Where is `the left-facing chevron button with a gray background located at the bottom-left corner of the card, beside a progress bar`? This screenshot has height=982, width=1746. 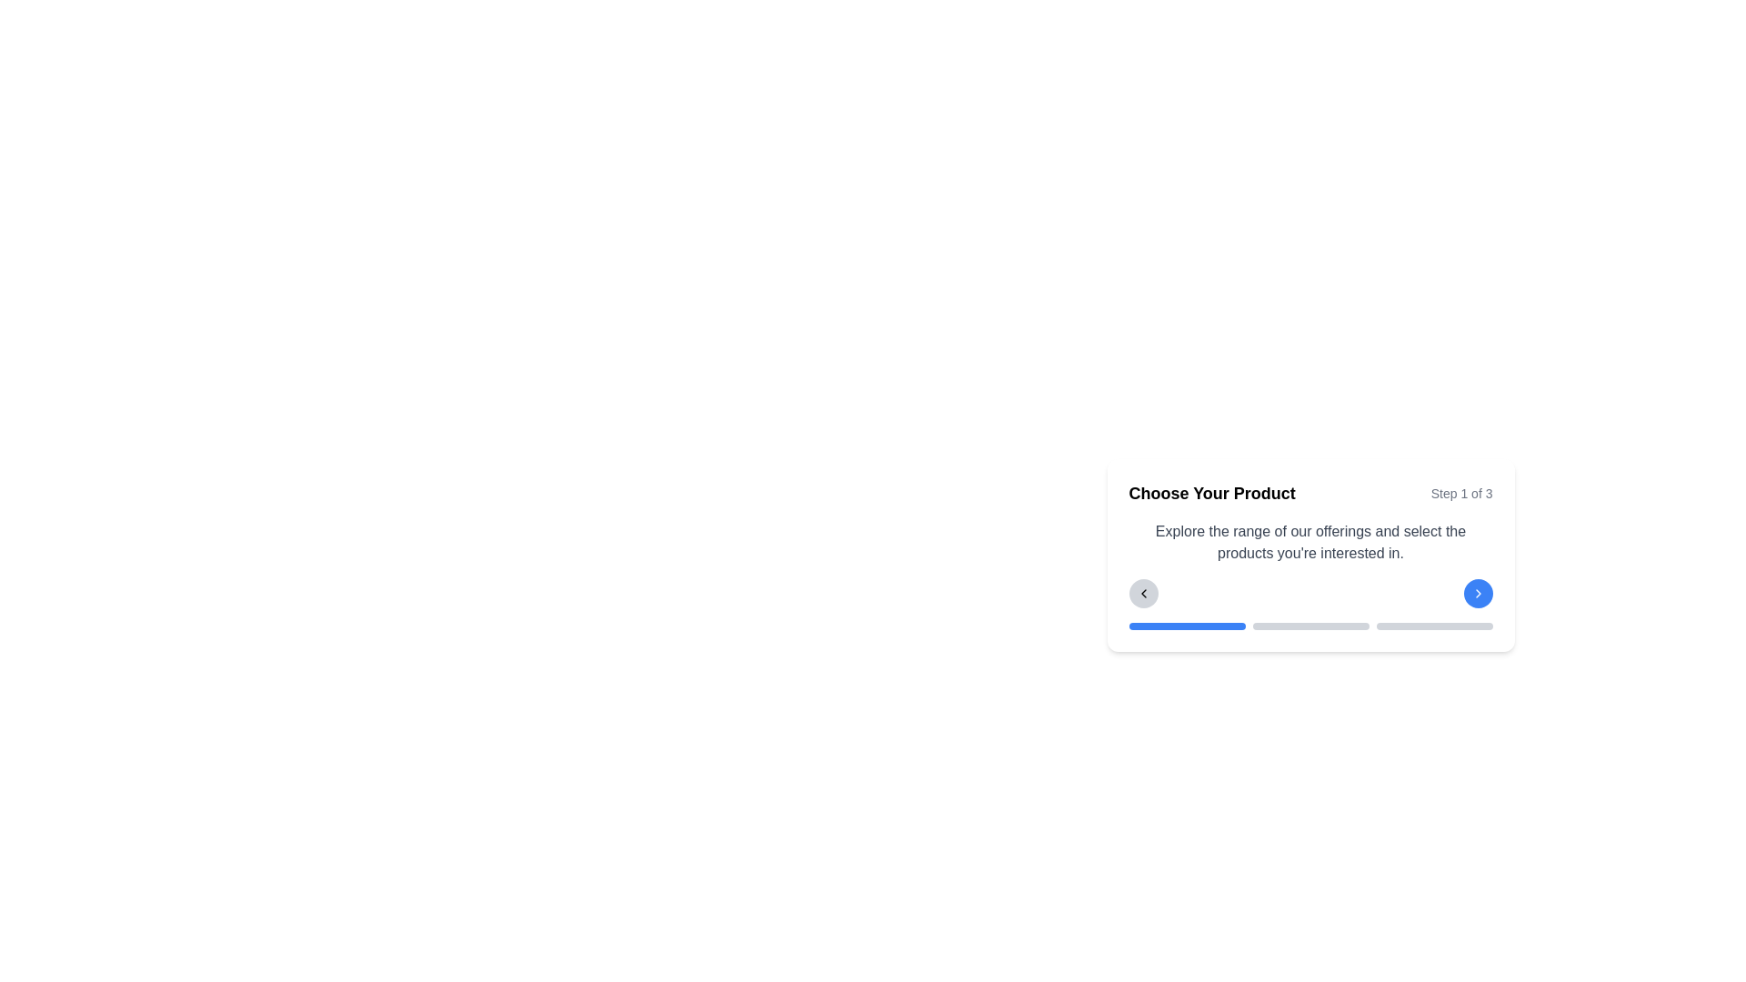
the left-facing chevron button with a gray background located at the bottom-left corner of the card, beside a progress bar is located at coordinates (1142, 593).